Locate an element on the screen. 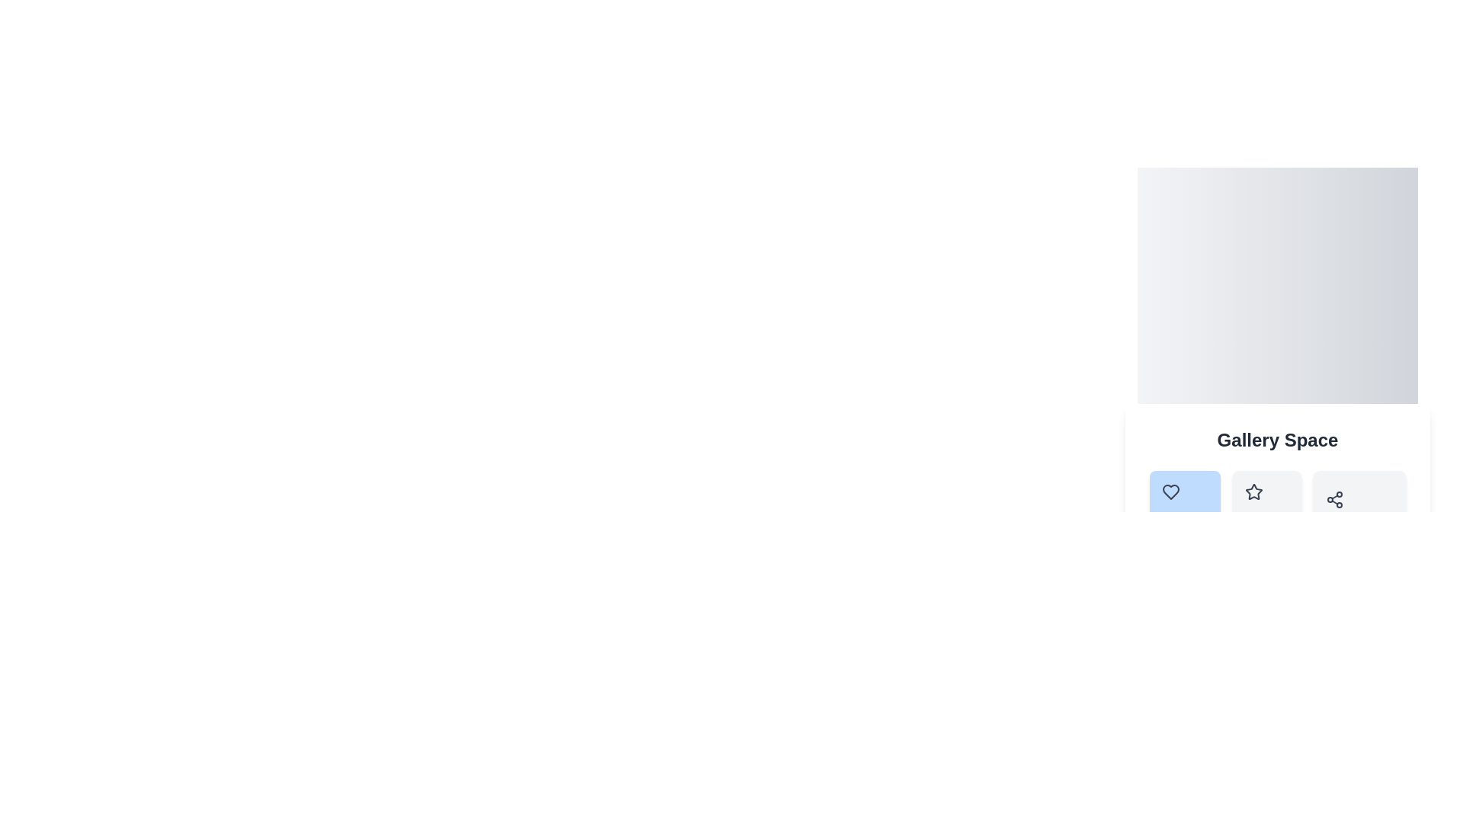 The image size is (1463, 823). the star-shaped icon button, which is the second icon in a row of three below the 'Gallery Space' text, to perform a special action is located at coordinates (1254, 492).